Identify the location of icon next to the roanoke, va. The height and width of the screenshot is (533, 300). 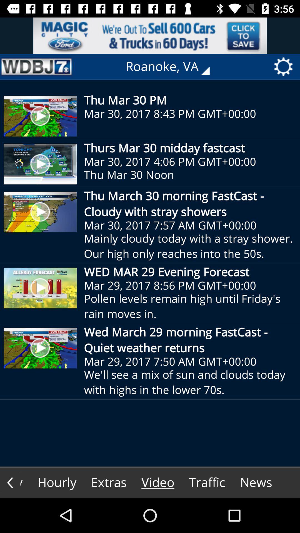
(36, 67).